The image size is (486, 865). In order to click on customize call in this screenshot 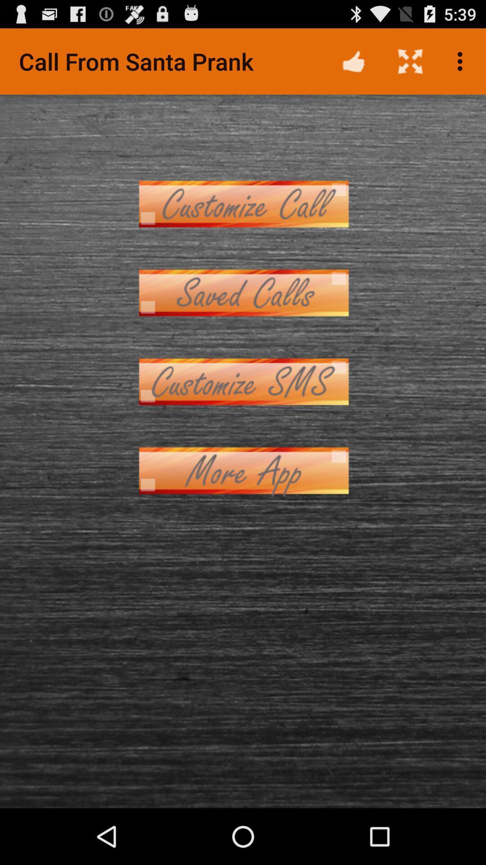, I will do `click(243, 203)`.